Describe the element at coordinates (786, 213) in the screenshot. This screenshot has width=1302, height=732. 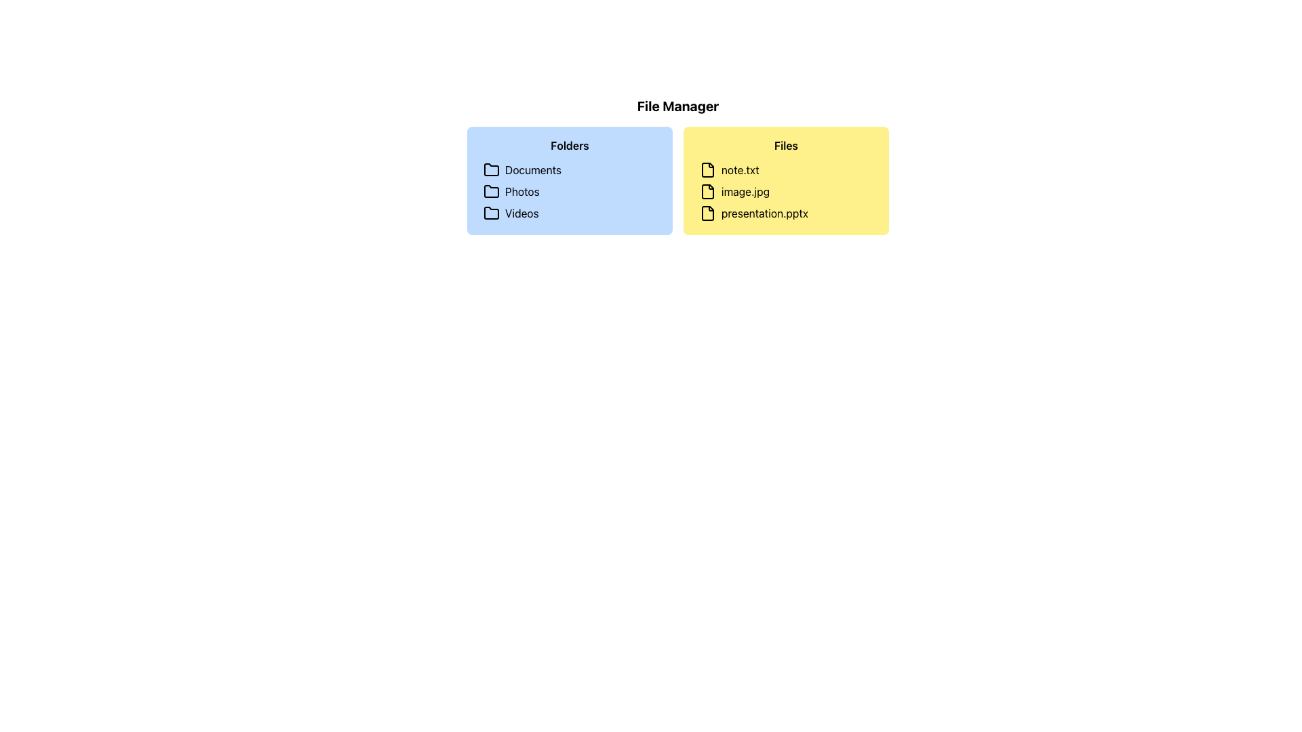
I see `the file entry row labeled 'presentation.pptx' in the file listing interface` at that location.